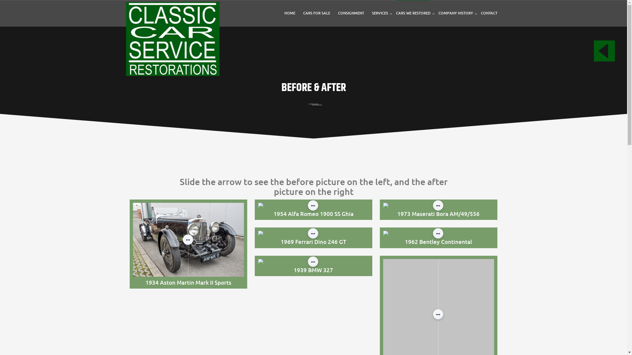 This screenshot has width=632, height=355. I want to click on 'CONTACT', so click(488, 13).